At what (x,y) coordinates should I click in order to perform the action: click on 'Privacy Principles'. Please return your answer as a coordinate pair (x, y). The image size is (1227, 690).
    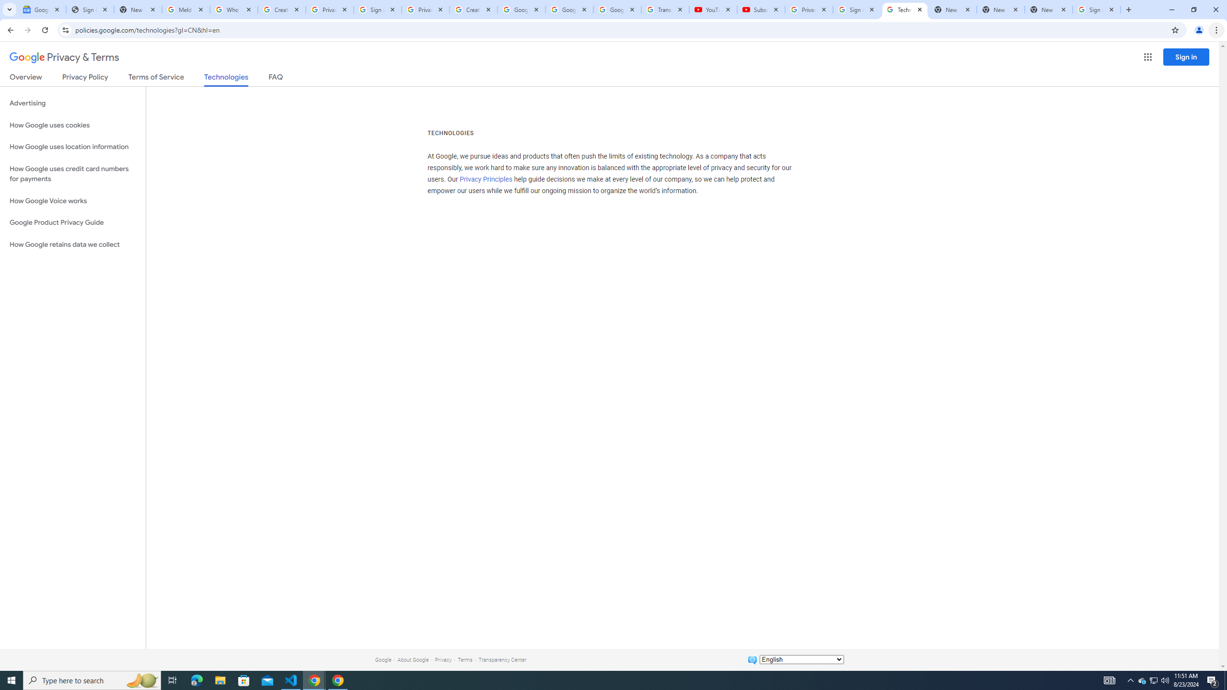
    Looking at the image, I should click on (486, 180).